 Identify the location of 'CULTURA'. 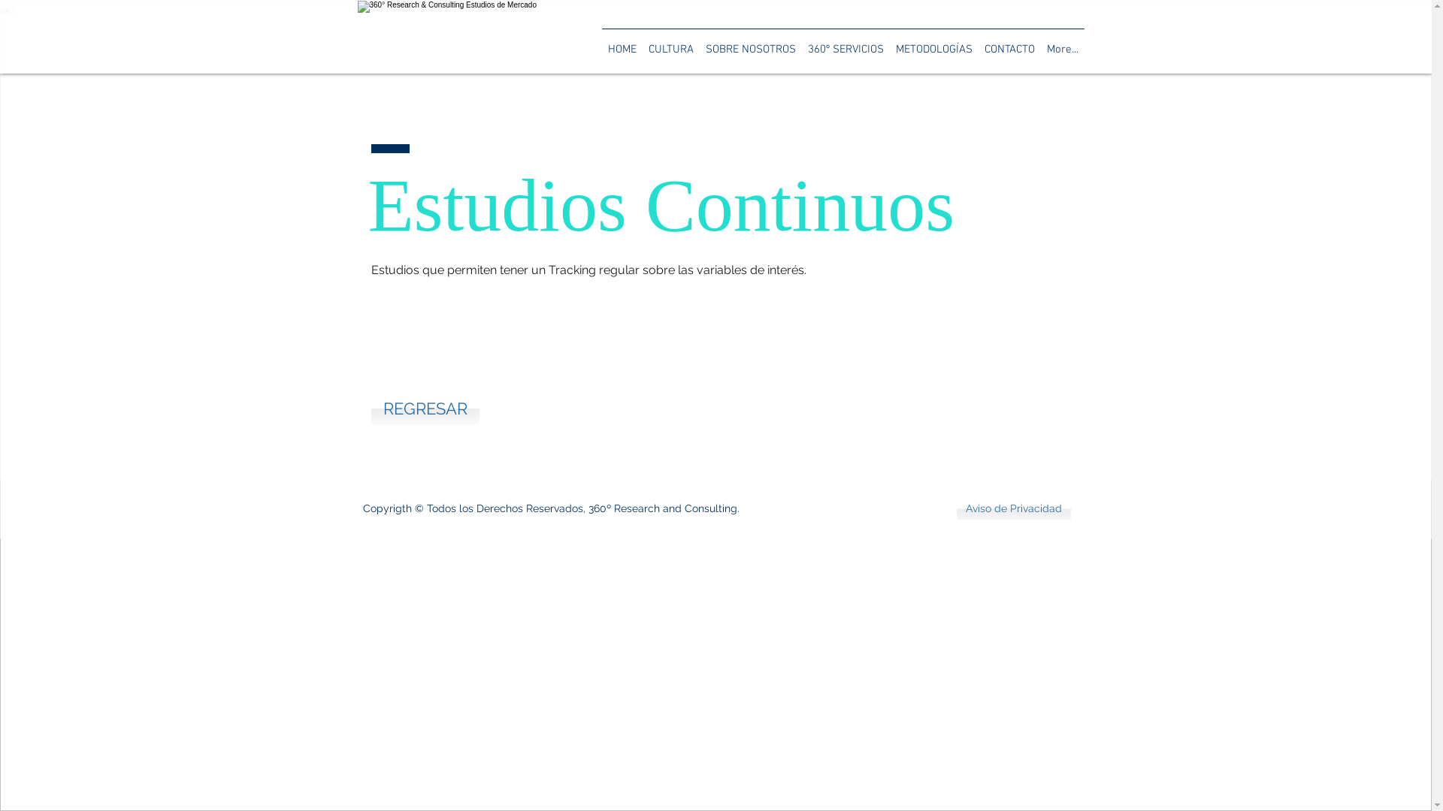
(670, 42).